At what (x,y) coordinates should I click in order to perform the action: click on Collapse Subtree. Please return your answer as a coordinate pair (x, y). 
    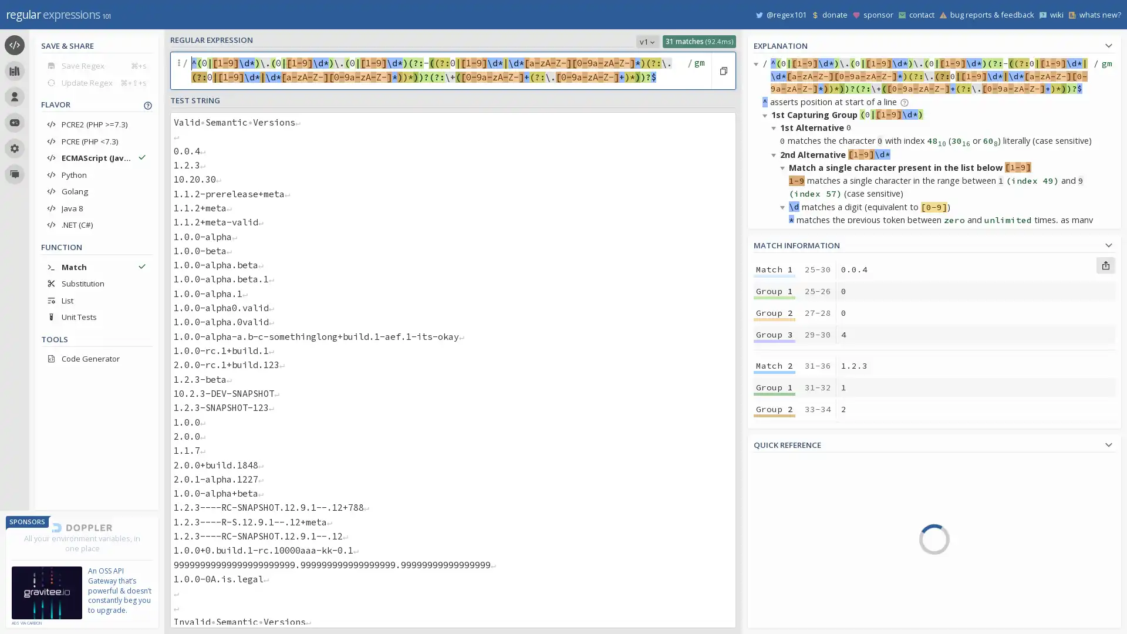
    Looking at the image, I should click on (767, 115).